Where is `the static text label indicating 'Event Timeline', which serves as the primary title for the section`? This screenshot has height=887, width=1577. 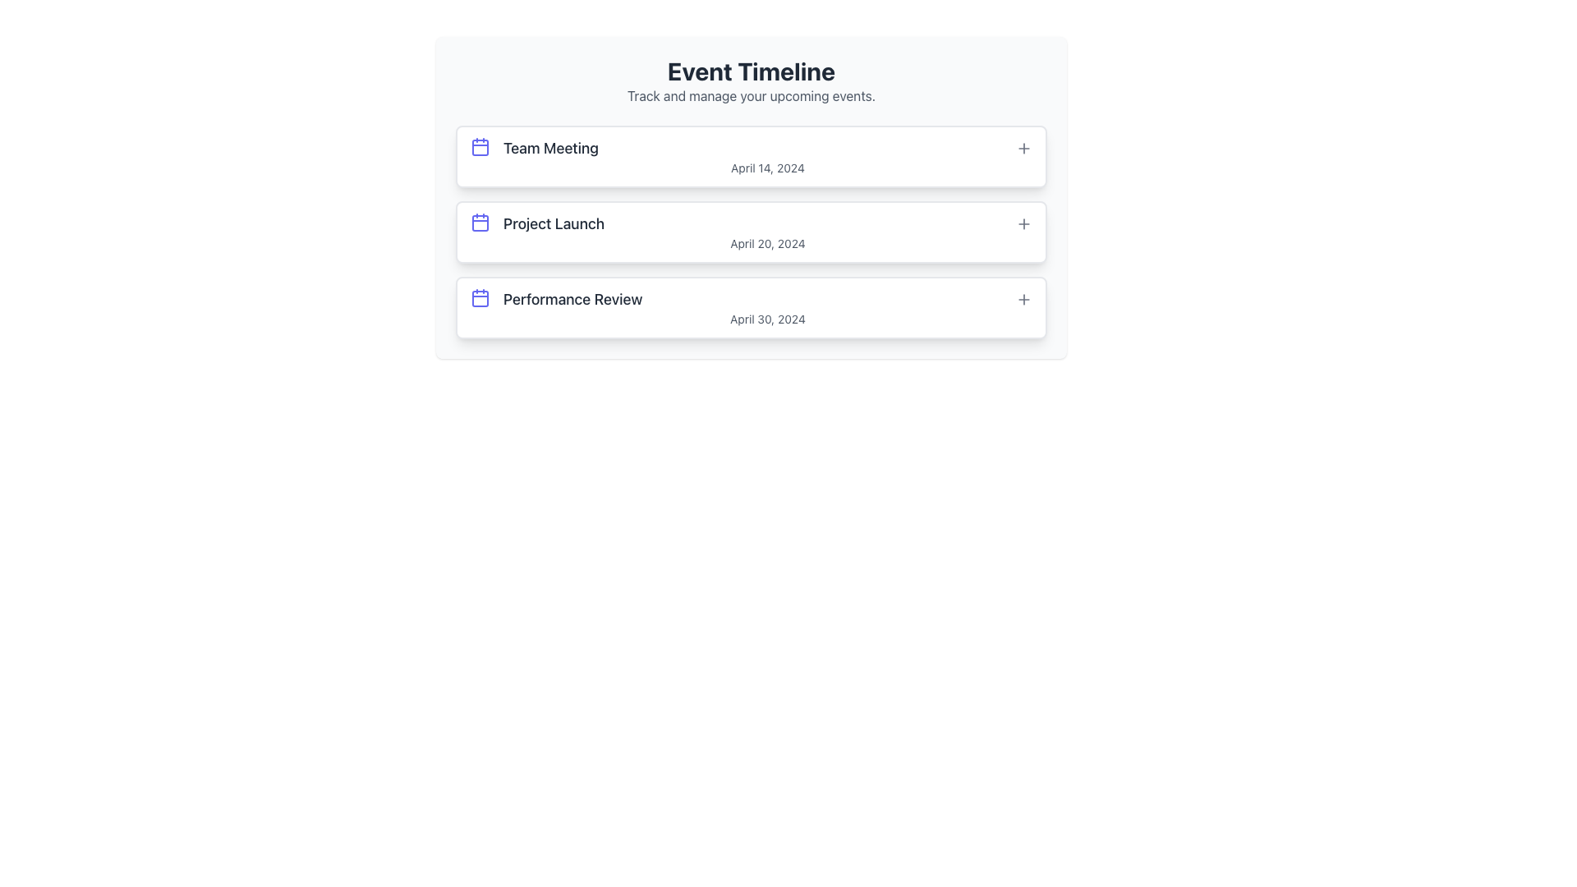 the static text label indicating 'Event Timeline', which serves as the primary title for the section is located at coordinates (751, 71).